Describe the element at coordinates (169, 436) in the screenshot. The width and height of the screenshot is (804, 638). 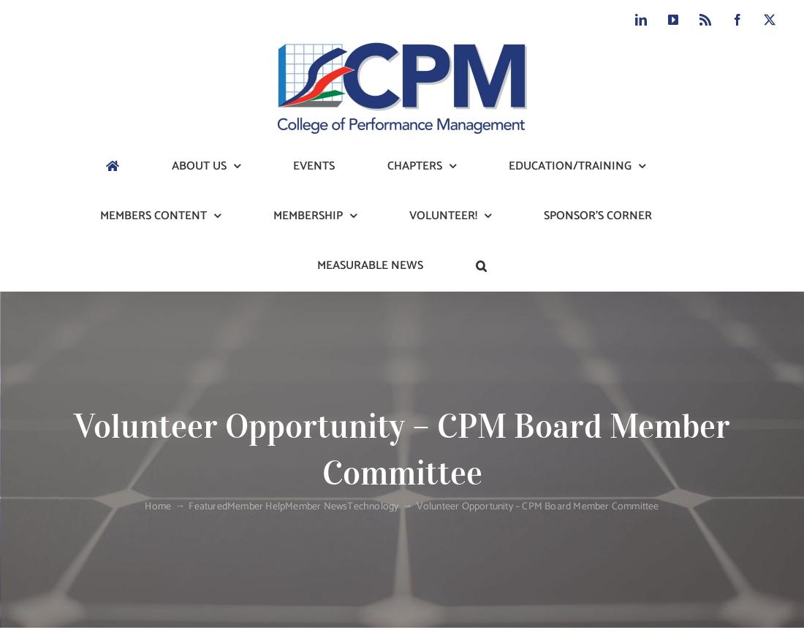
I see `'New CPM Document Library (members only access)'` at that location.